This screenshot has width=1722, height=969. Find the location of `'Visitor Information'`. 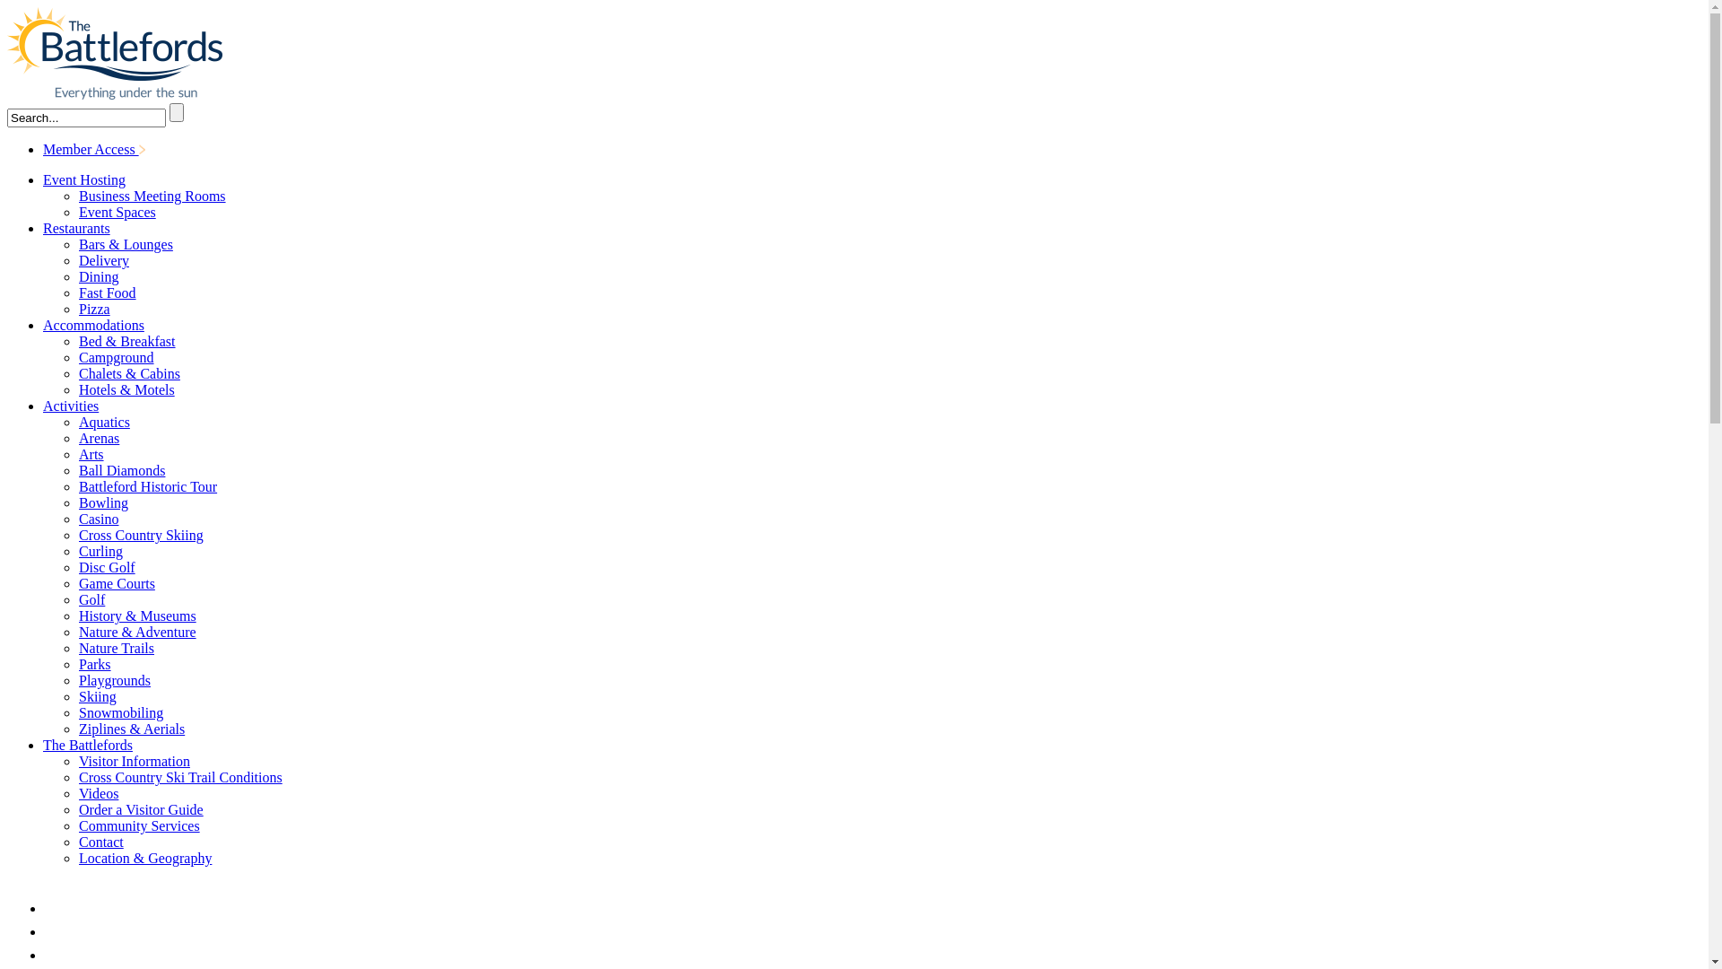

'Visitor Information' is located at coordinates (133, 761).